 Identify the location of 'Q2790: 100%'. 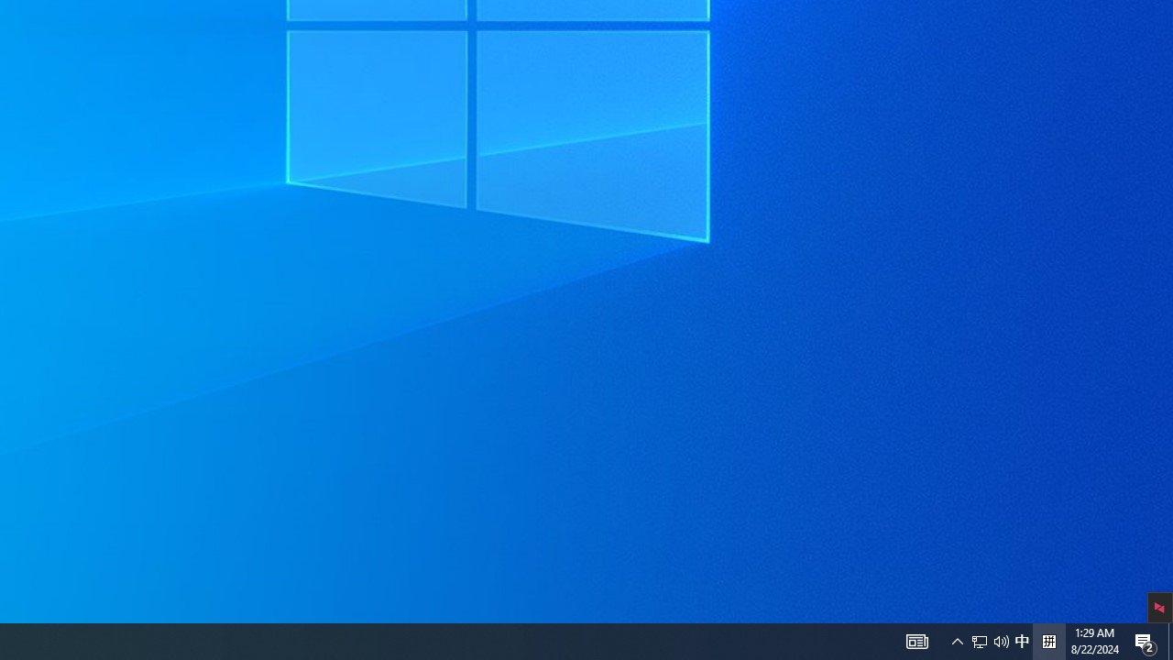
(1021, 640).